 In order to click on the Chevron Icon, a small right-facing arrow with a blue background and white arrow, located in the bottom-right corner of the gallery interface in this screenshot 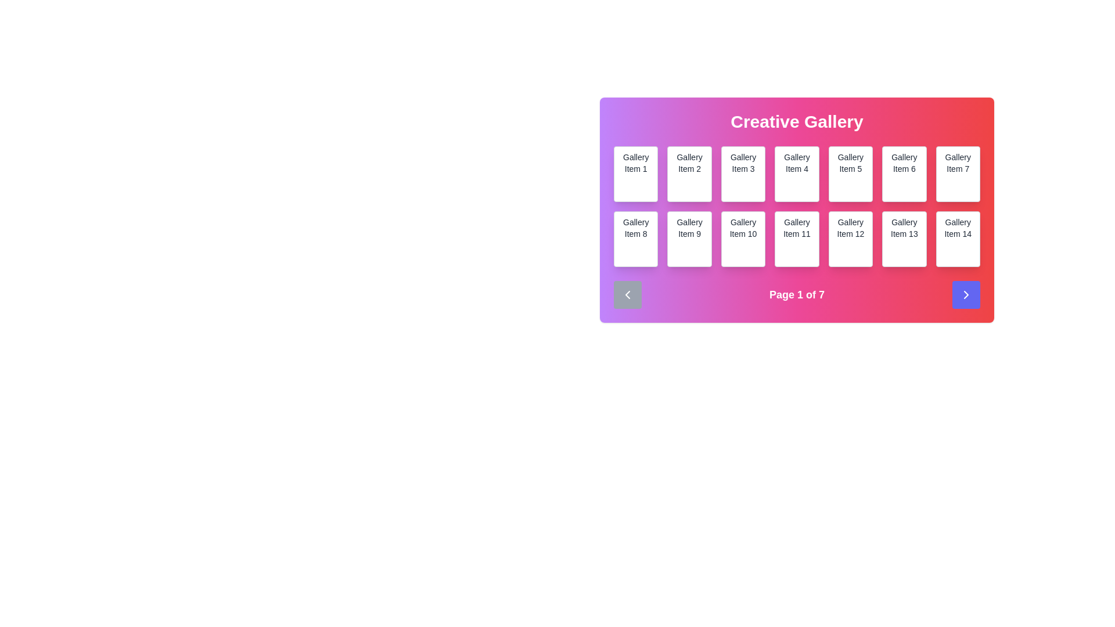, I will do `click(966, 294)`.